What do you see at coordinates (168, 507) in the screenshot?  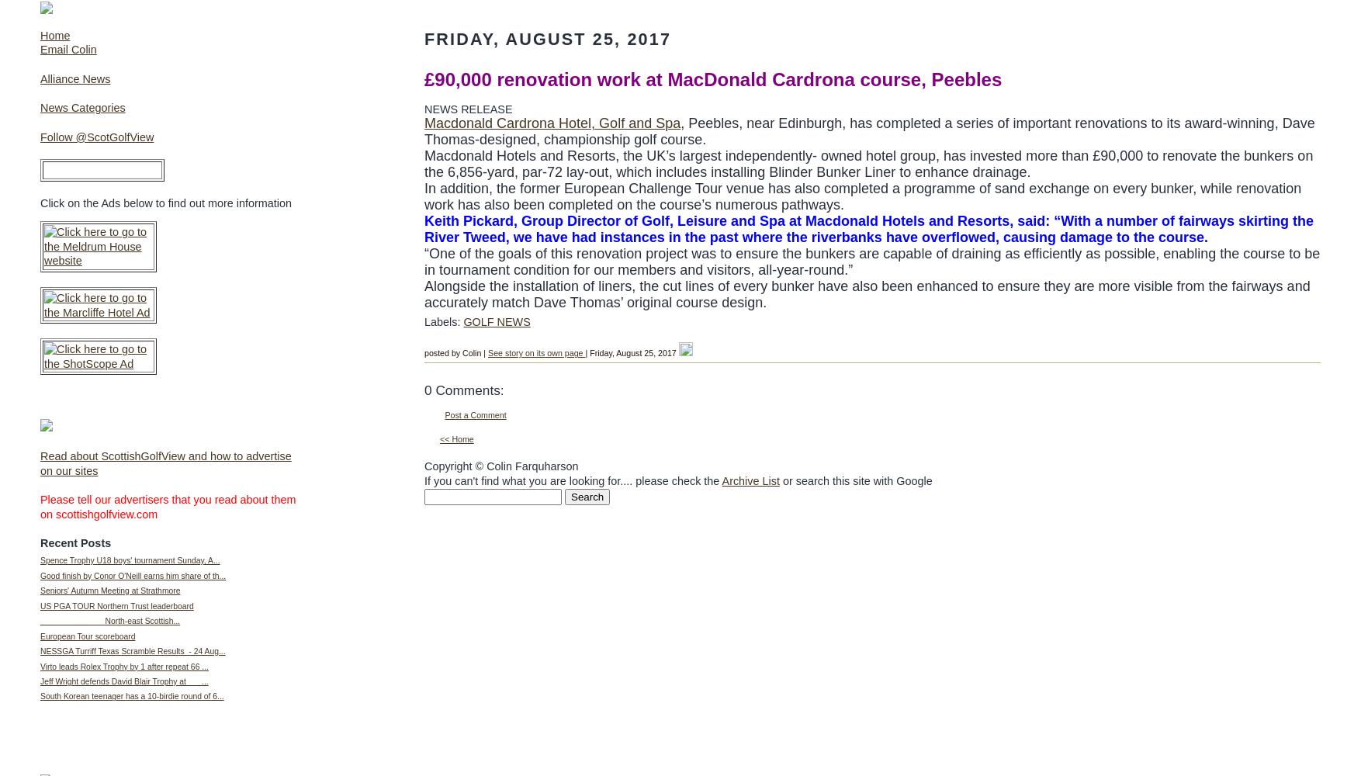 I see `'Please tell our advertisers that you read about them on scottishgolfview.com'` at bounding box center [168, 507].